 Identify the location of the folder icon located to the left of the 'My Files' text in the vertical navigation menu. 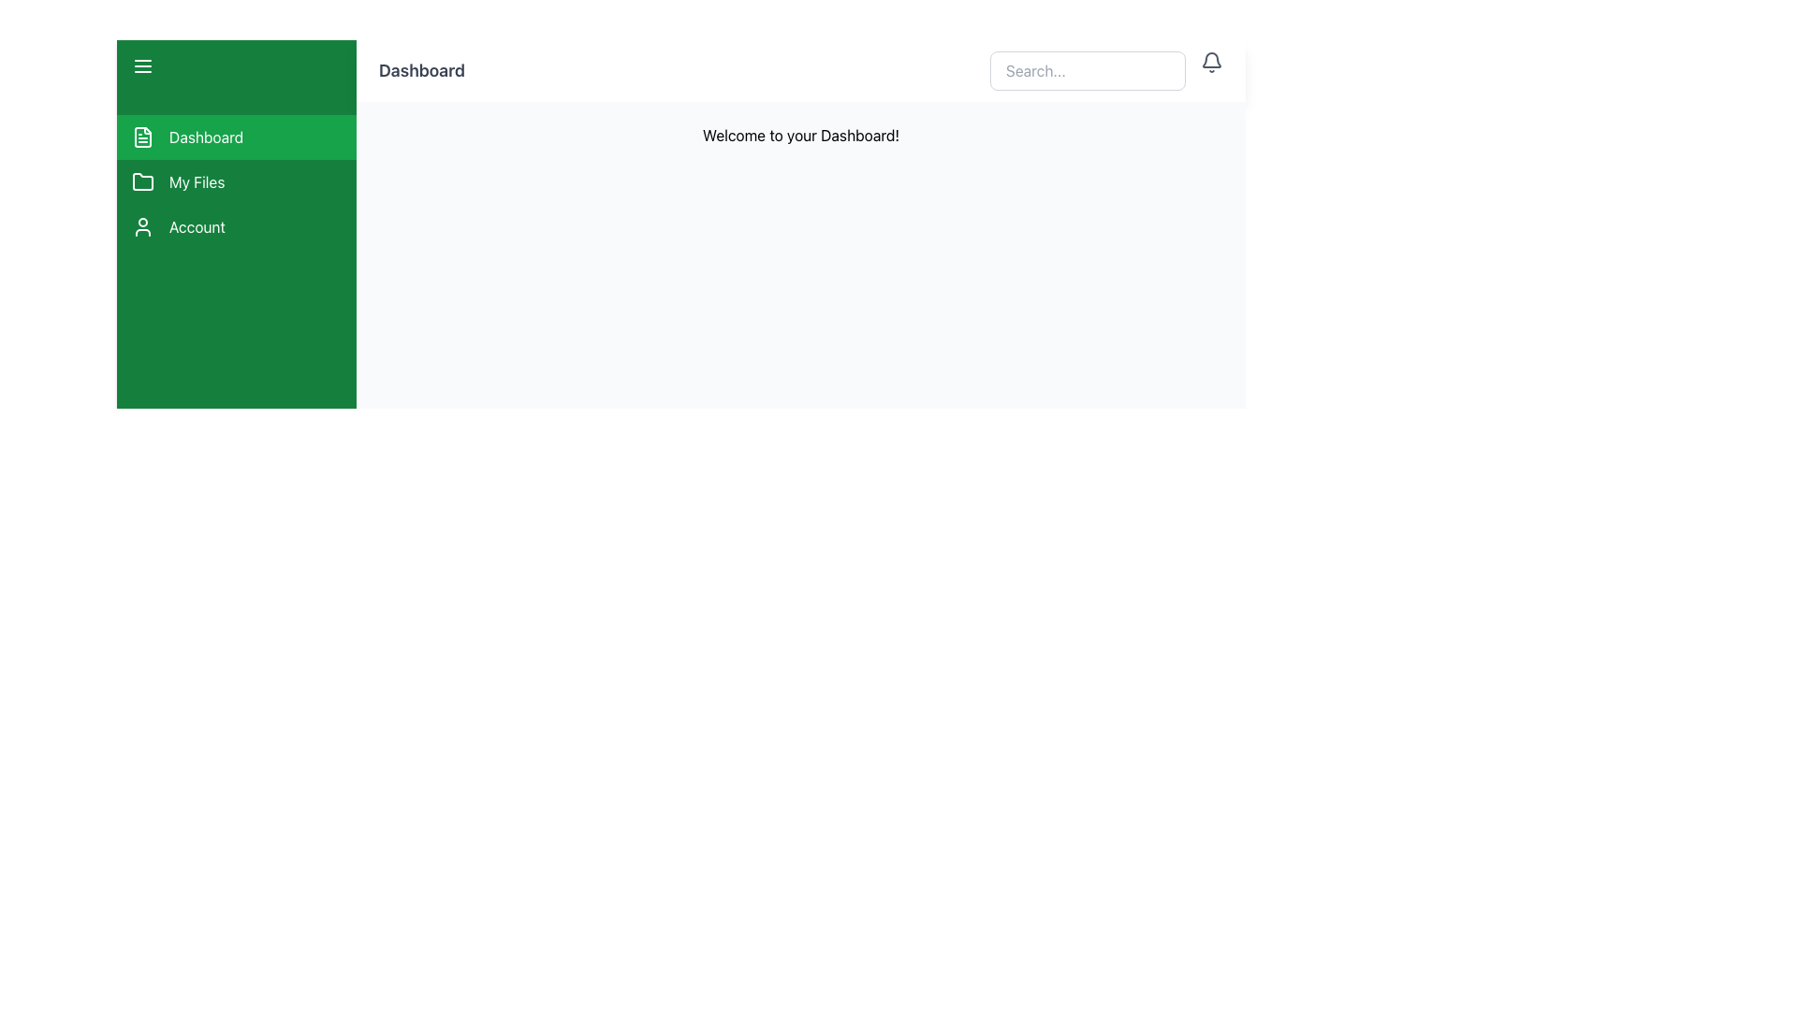
(142, 182).